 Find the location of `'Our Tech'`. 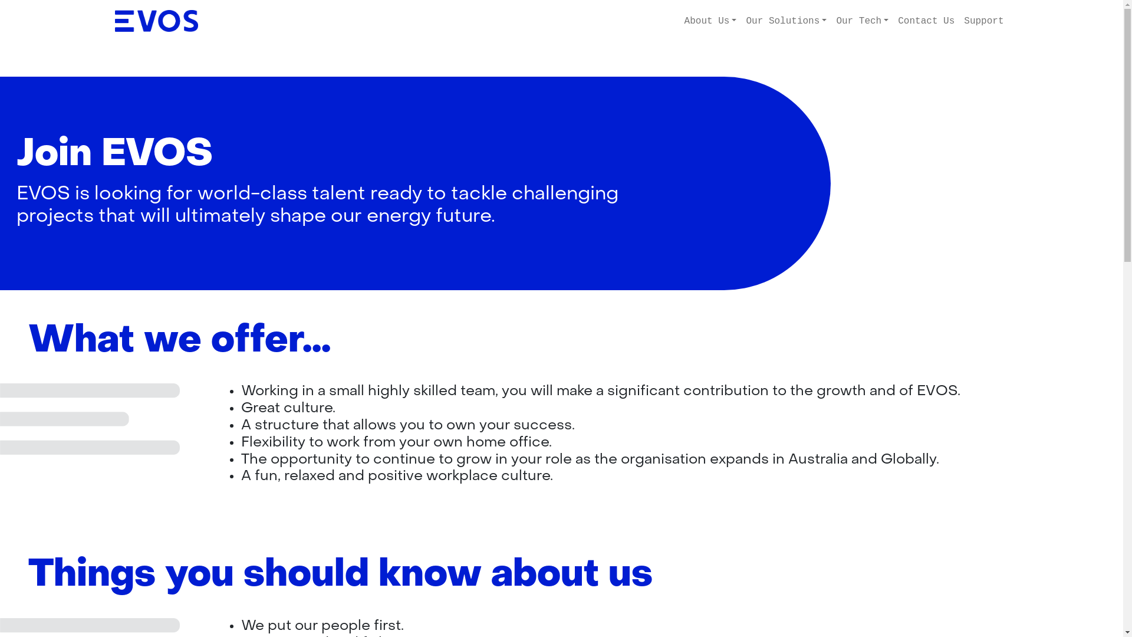

'Our Tech' is located at coordinates (862, 21).